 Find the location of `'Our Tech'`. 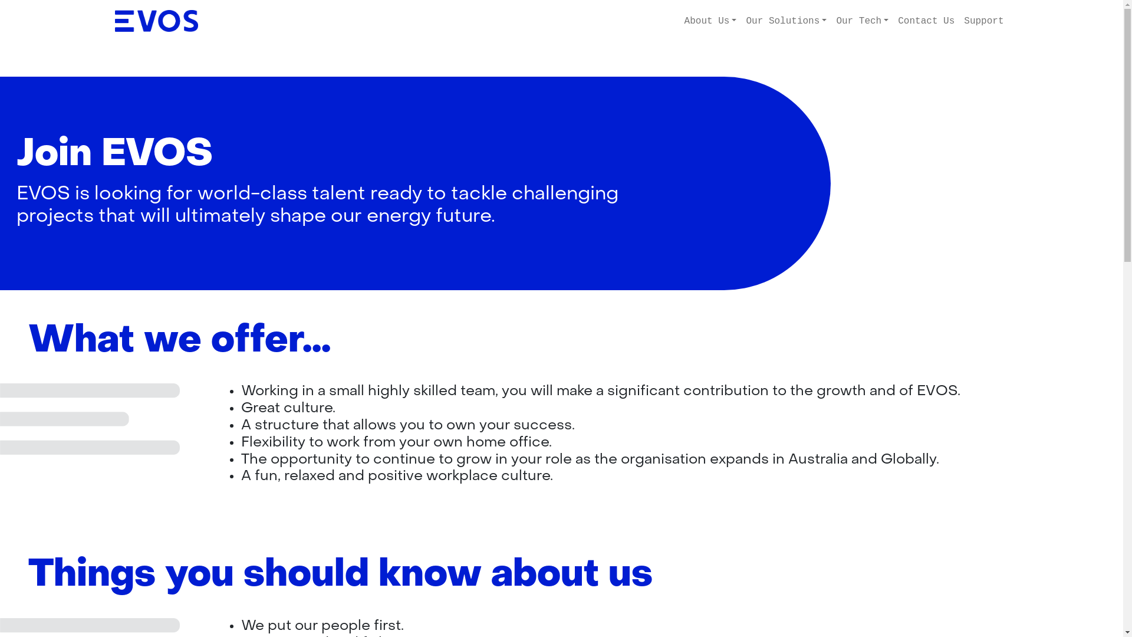

'Our Tech' is located at coordinates (862, 21).